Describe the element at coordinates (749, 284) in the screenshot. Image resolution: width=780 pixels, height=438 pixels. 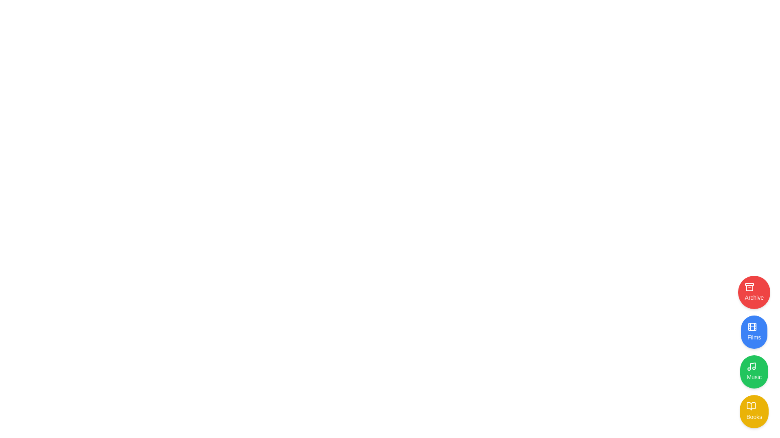
I see `the topmost rounded rectangle element within the archive icon, which is visually represented in the SVG format` at that location.